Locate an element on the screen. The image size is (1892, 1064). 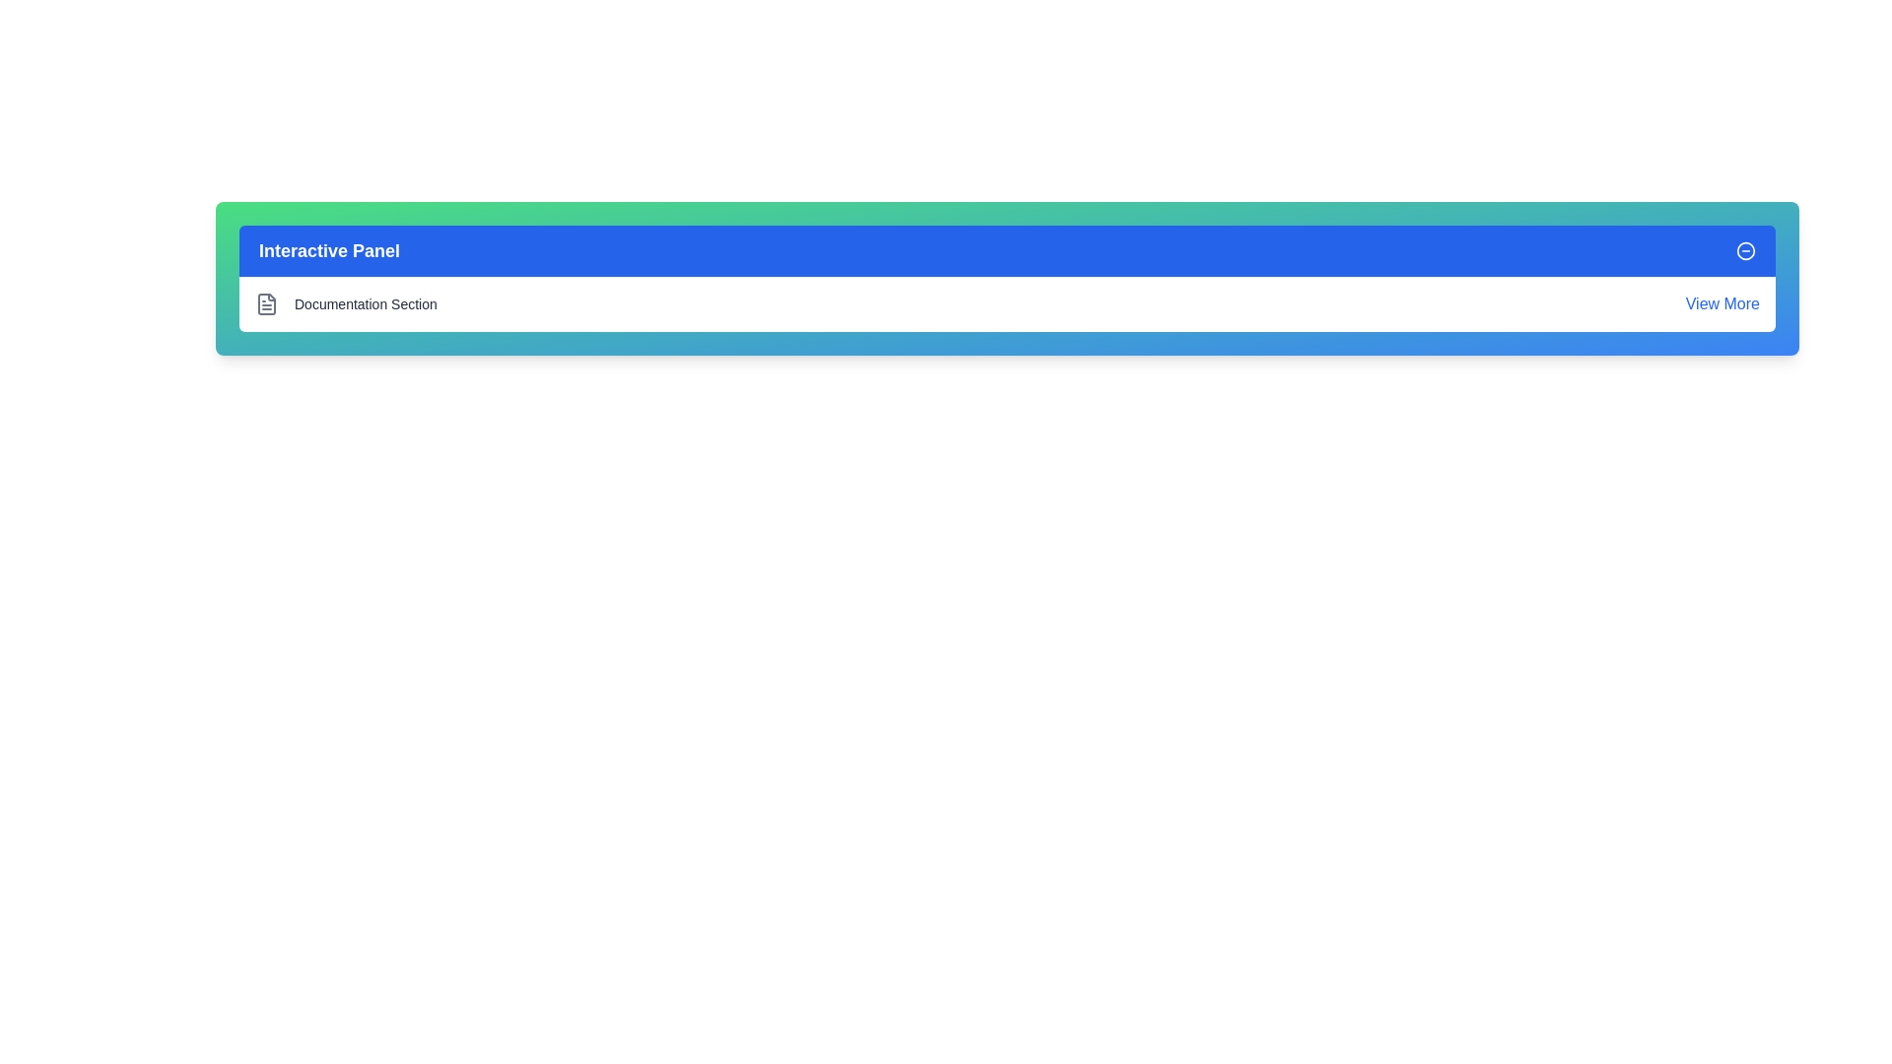
the graphical icon representing the file or document labeled 'Documentation Section' located at the first file icon in the layout is located at coordinates (265, 303).